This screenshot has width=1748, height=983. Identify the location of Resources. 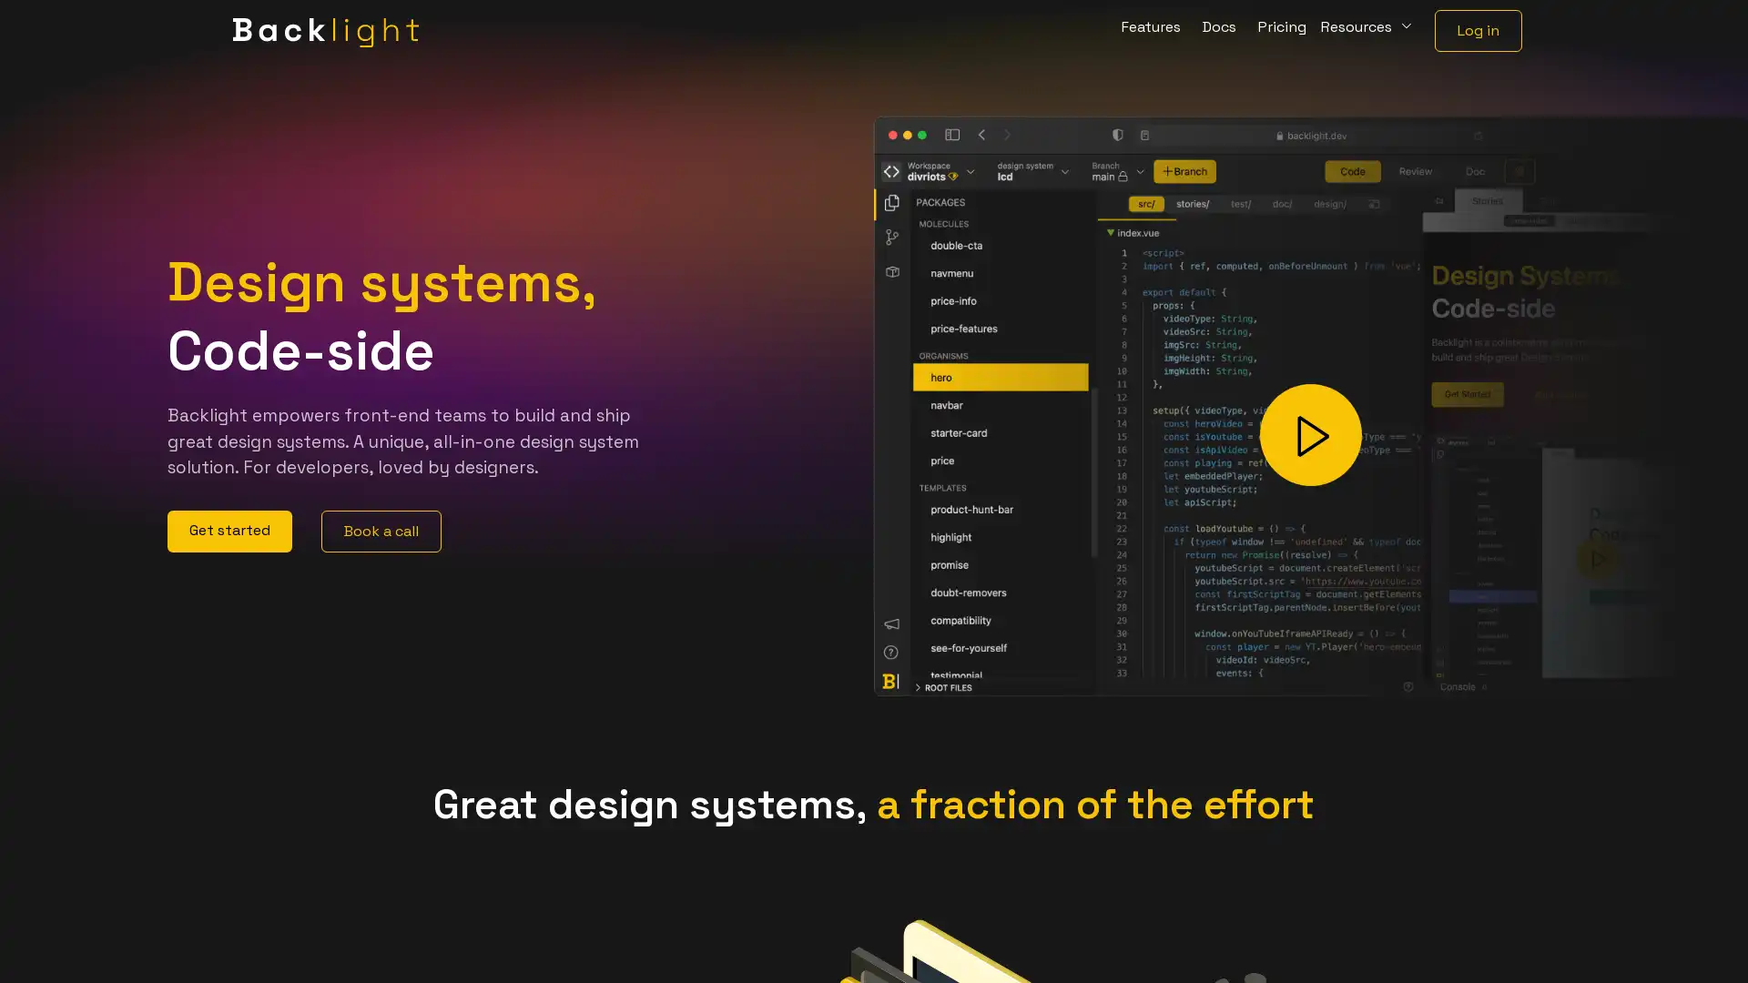
(1367, 31).